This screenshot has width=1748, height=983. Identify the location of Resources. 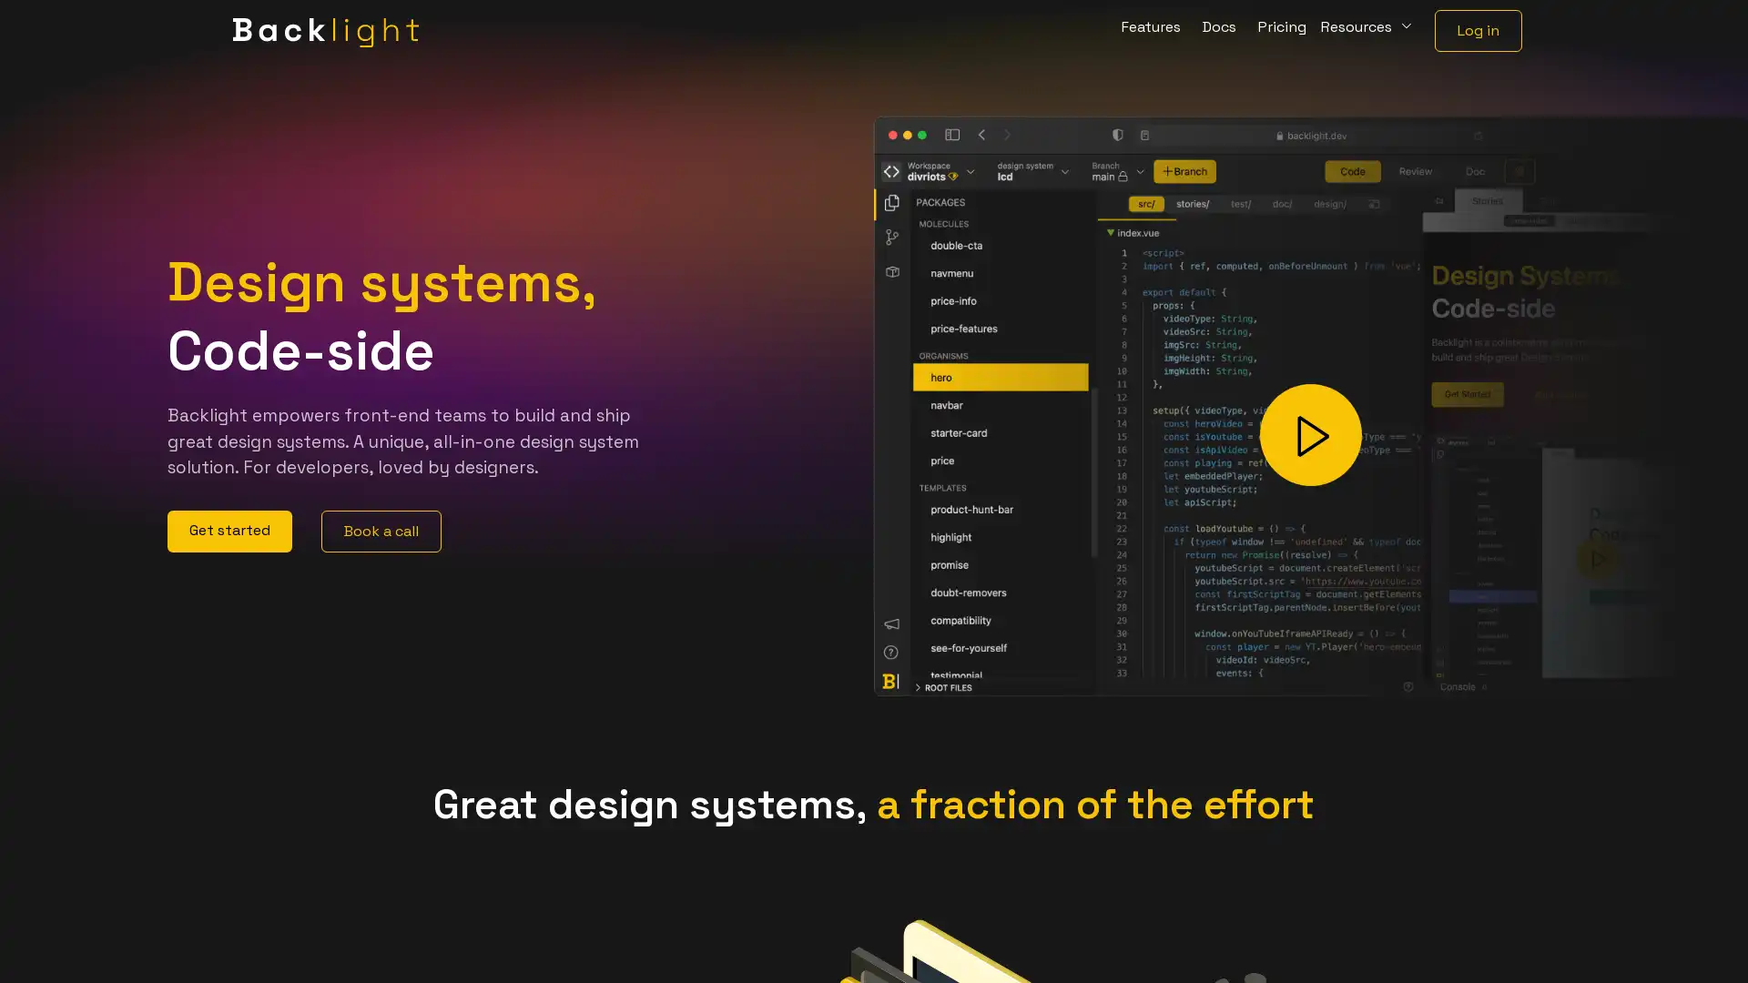
(1367, 31).